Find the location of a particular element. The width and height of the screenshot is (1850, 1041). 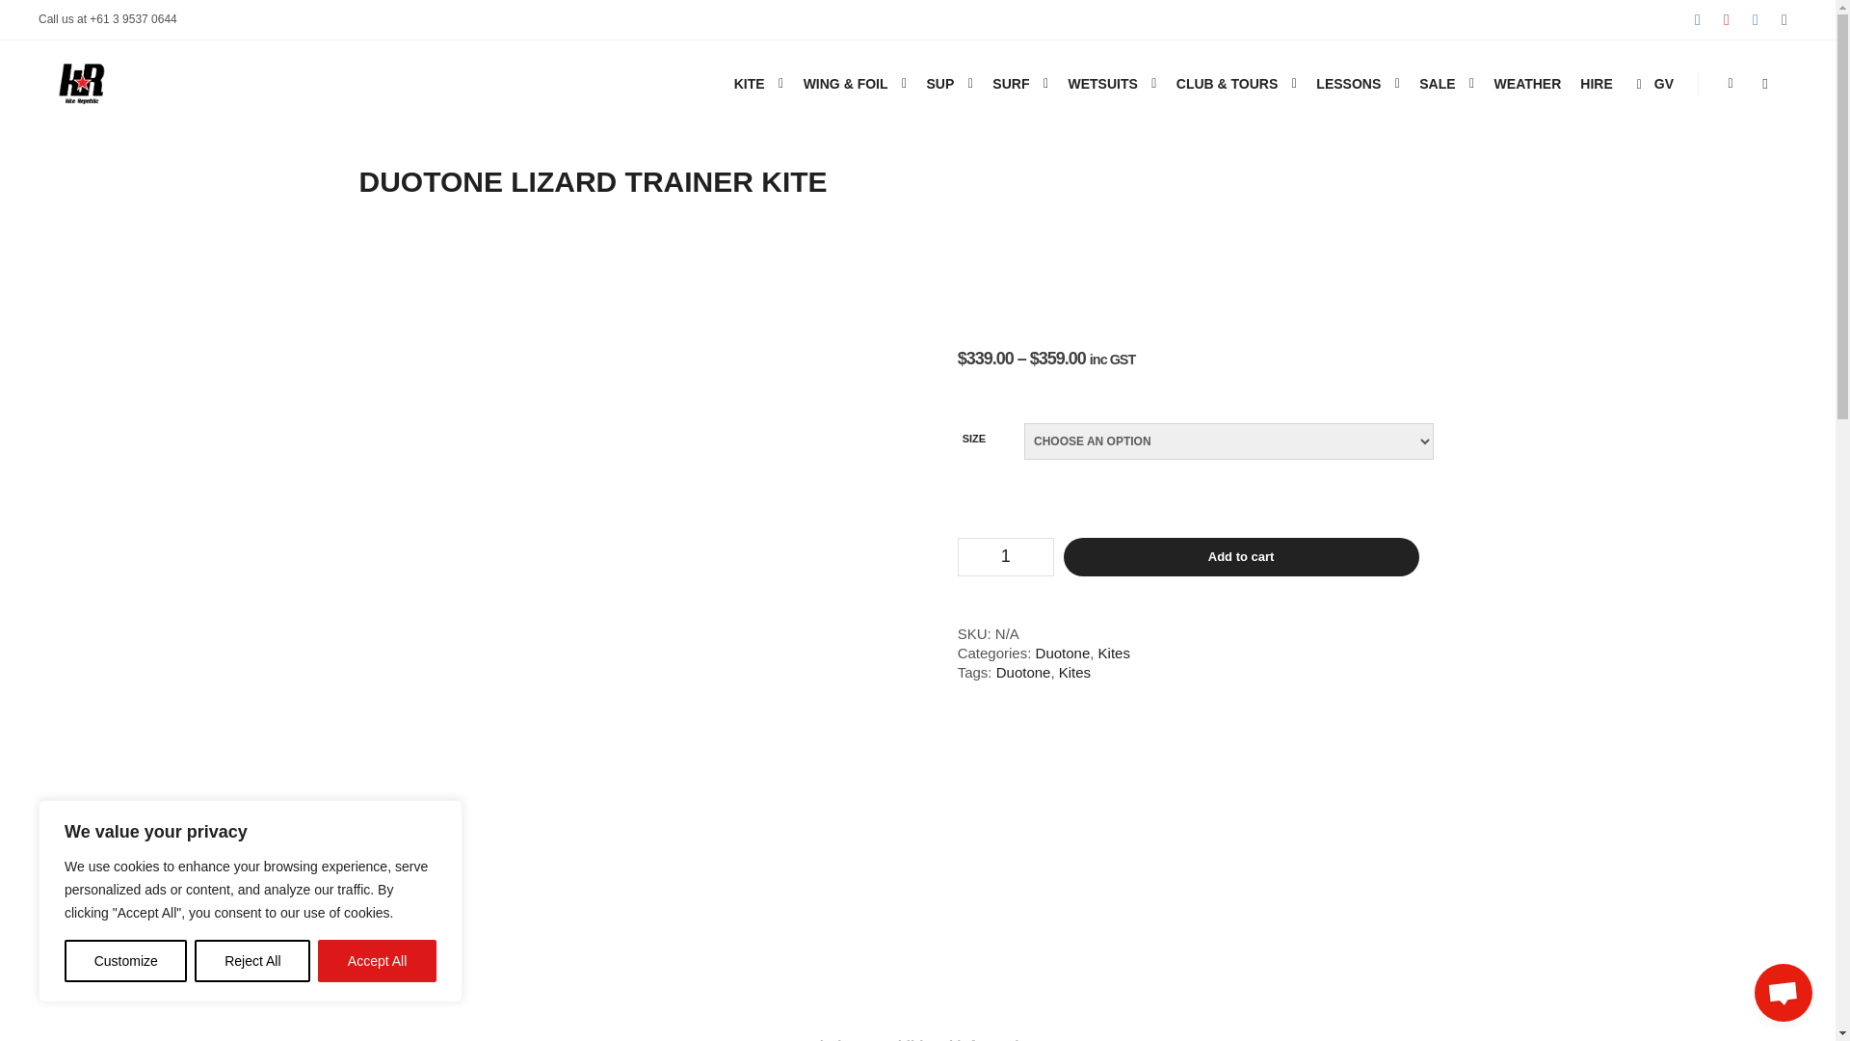

'WETSUITS' is located at coordinates (1099, 83).